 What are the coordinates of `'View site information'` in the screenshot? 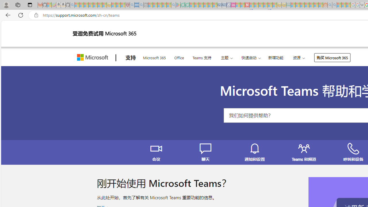 It's located at (36, 15).